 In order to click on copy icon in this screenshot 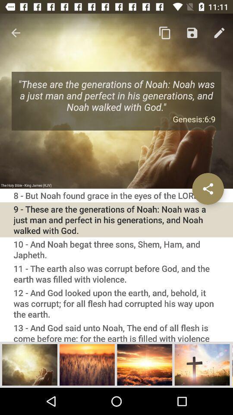, I will do `click(165, 33)`.